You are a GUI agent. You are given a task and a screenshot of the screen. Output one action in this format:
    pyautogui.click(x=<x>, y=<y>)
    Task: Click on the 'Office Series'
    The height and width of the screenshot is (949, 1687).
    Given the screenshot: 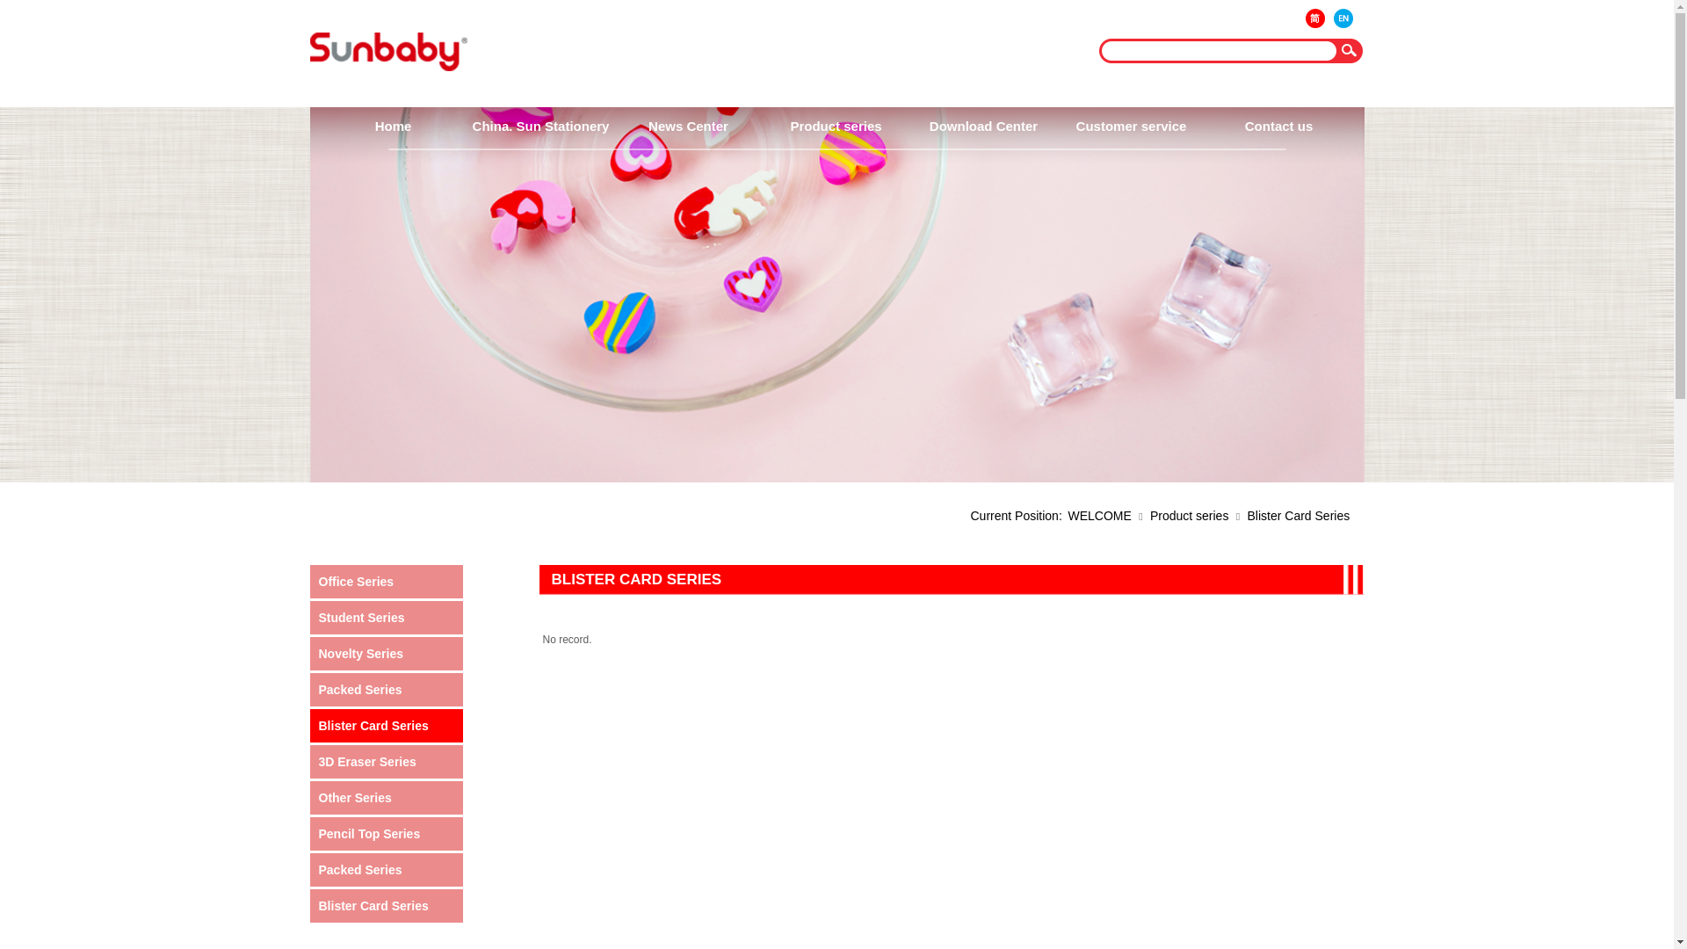 What is the action you would take?
    pyautogui.click(x=317, y=582)
    